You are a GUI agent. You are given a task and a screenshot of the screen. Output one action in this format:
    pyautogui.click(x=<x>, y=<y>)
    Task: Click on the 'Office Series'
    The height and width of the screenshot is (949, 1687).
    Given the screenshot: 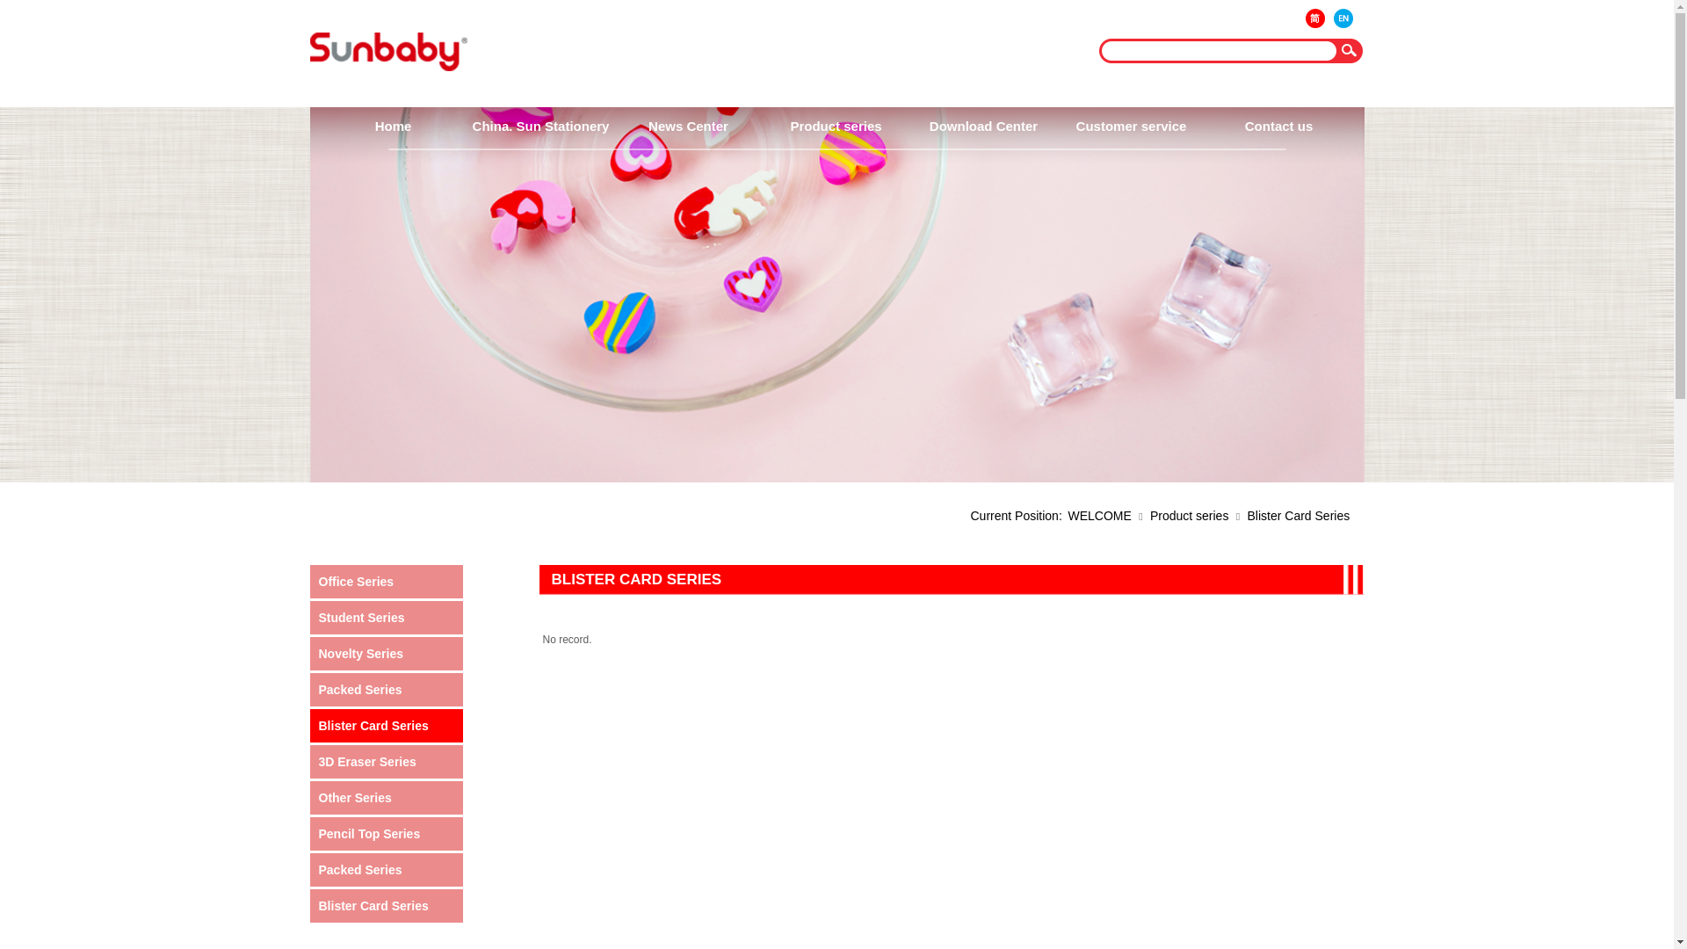 What is the action you would take?
    pyautogui.click(x=317, y=582)
    